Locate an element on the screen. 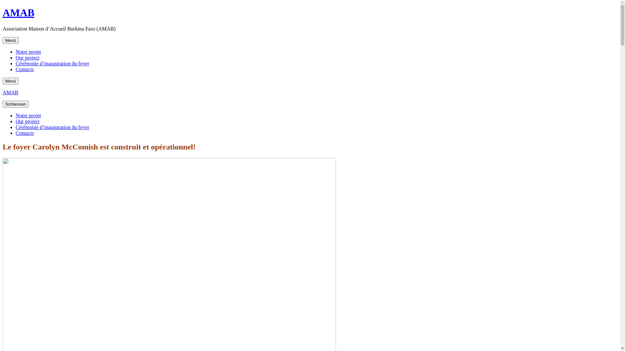  'Schliessen' is located at coordinates (16, 104).